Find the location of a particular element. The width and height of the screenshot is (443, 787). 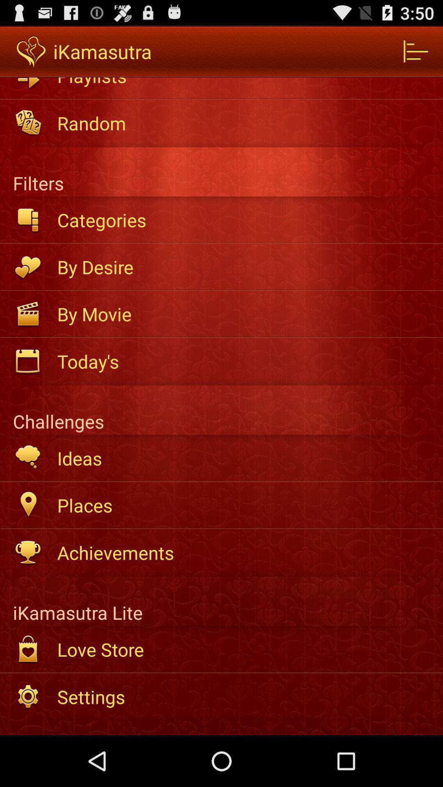

ideas icon is located at coordinates (244, 457).